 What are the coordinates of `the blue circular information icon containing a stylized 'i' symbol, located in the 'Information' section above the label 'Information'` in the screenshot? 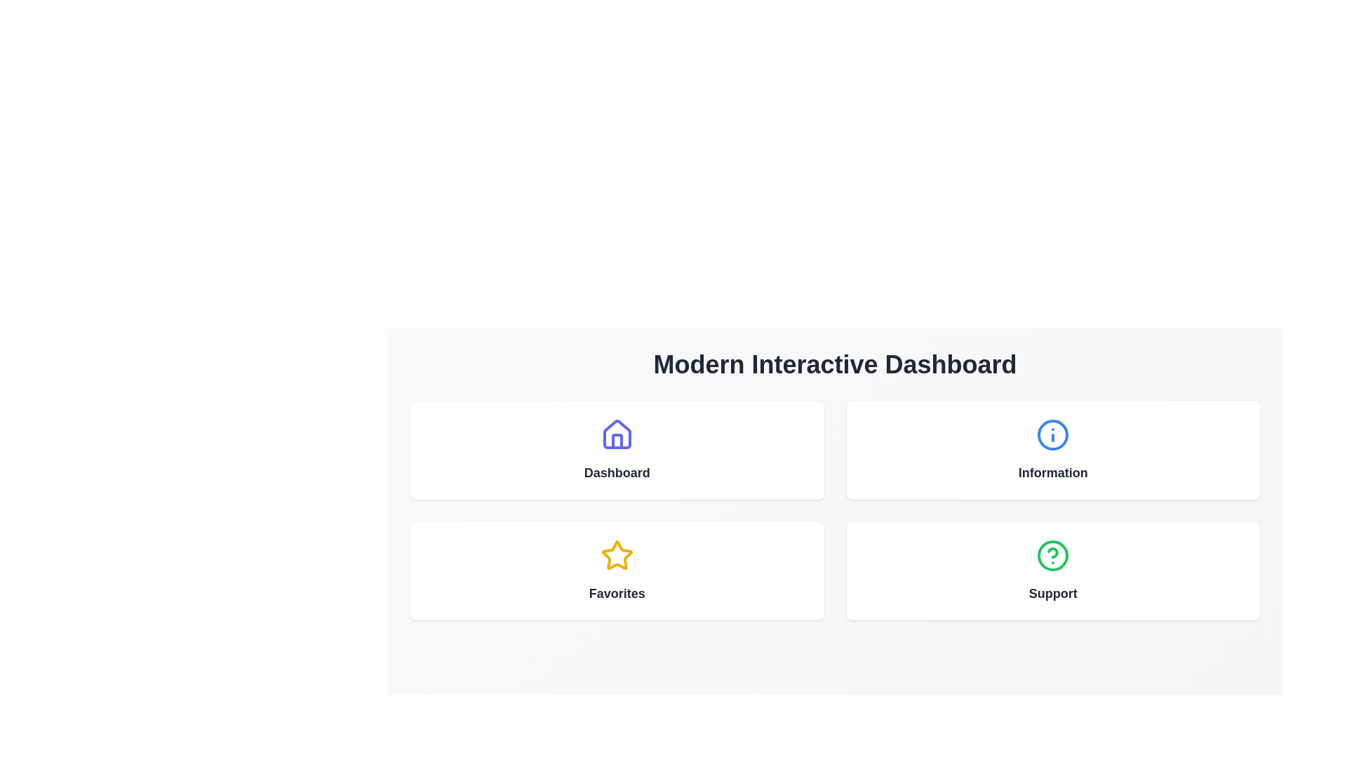 It's located at (1053, 434).